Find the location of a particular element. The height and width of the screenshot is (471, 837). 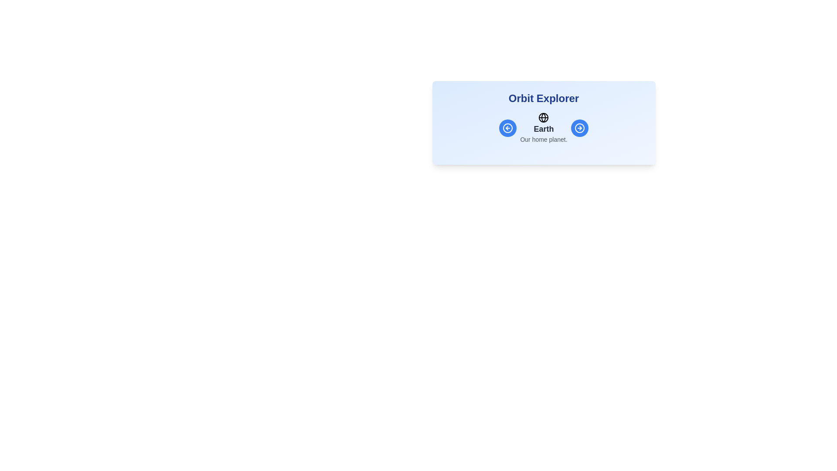

the blue circular graphic icon, which is the leftmost part of the leftward-pointing directional icon is located at coordinates (508, 128).